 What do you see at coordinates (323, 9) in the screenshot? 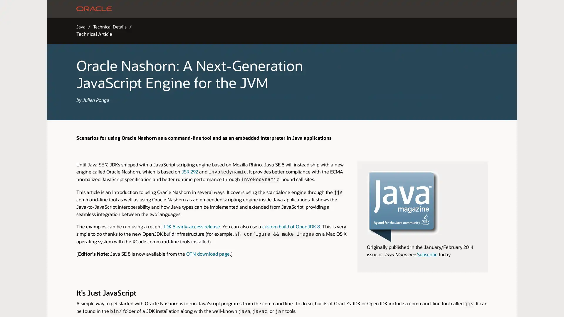
I see `Events` at bounding box center [323, 9].